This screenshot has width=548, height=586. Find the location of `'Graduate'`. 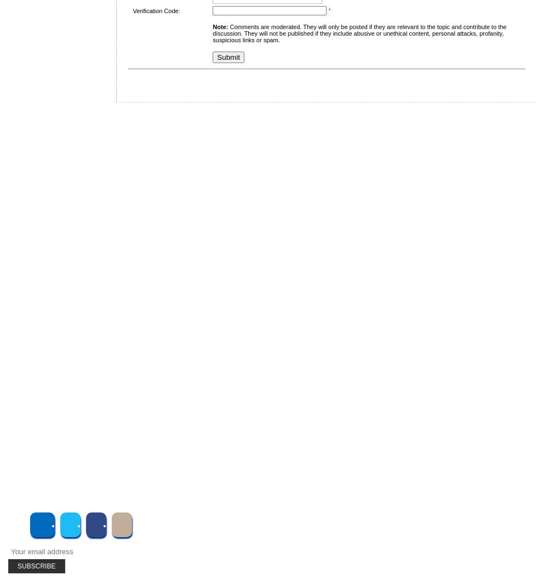

'Graduate' is located at coordinates (50, 253).